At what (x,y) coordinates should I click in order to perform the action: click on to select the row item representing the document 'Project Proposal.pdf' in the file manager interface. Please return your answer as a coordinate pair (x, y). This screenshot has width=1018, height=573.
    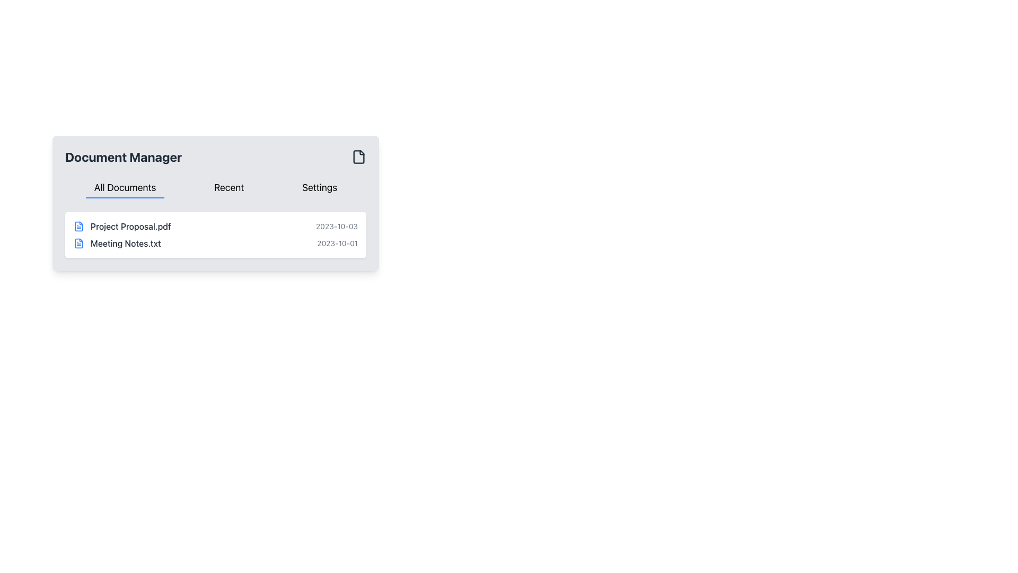
    Looking at the image, I should click on (215, 226).